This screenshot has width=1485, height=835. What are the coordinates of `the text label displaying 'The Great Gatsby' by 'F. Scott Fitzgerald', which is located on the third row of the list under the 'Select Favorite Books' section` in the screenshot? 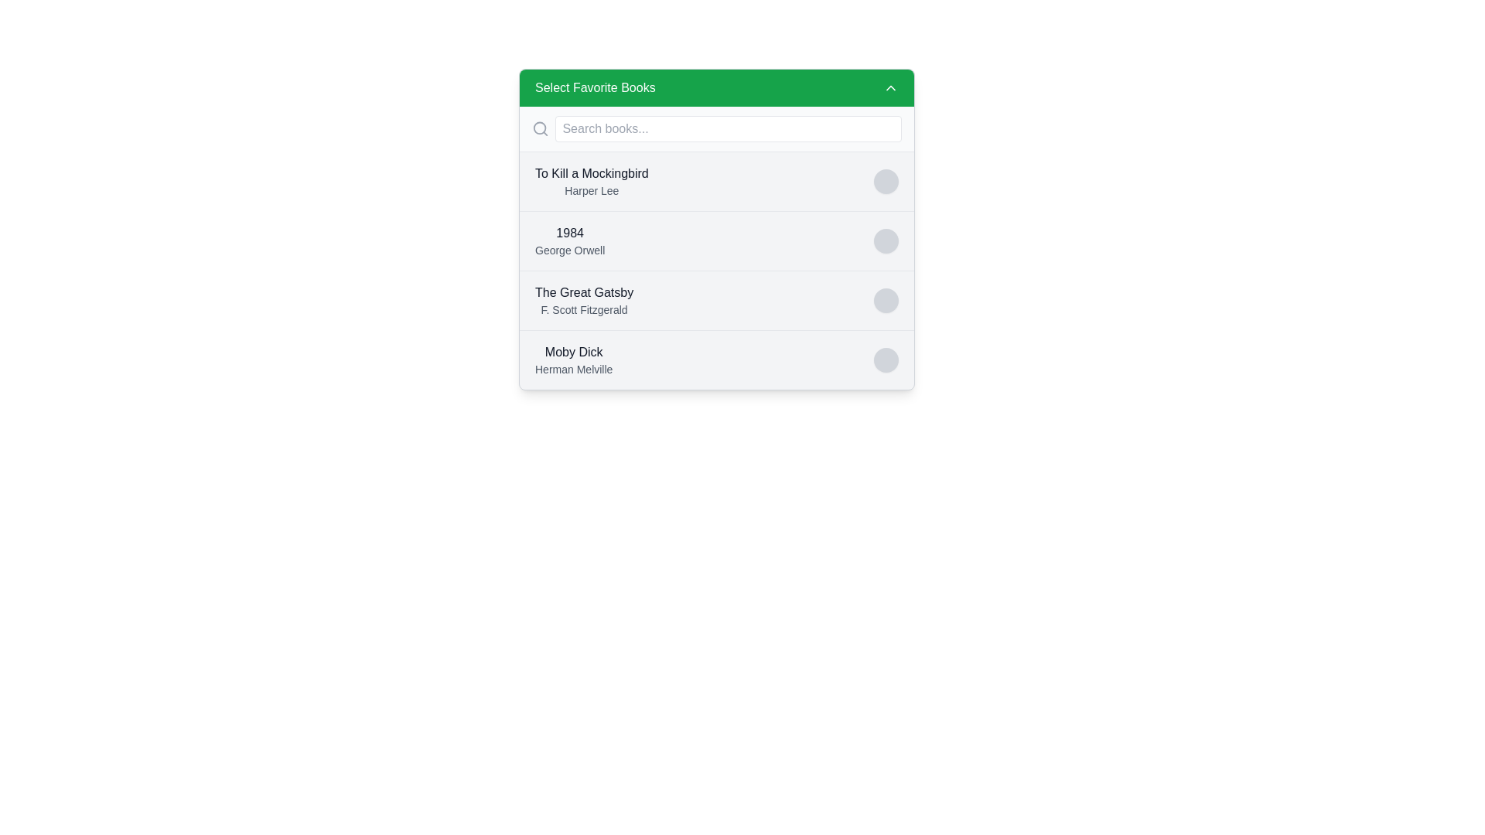 It's located at (583, 301).